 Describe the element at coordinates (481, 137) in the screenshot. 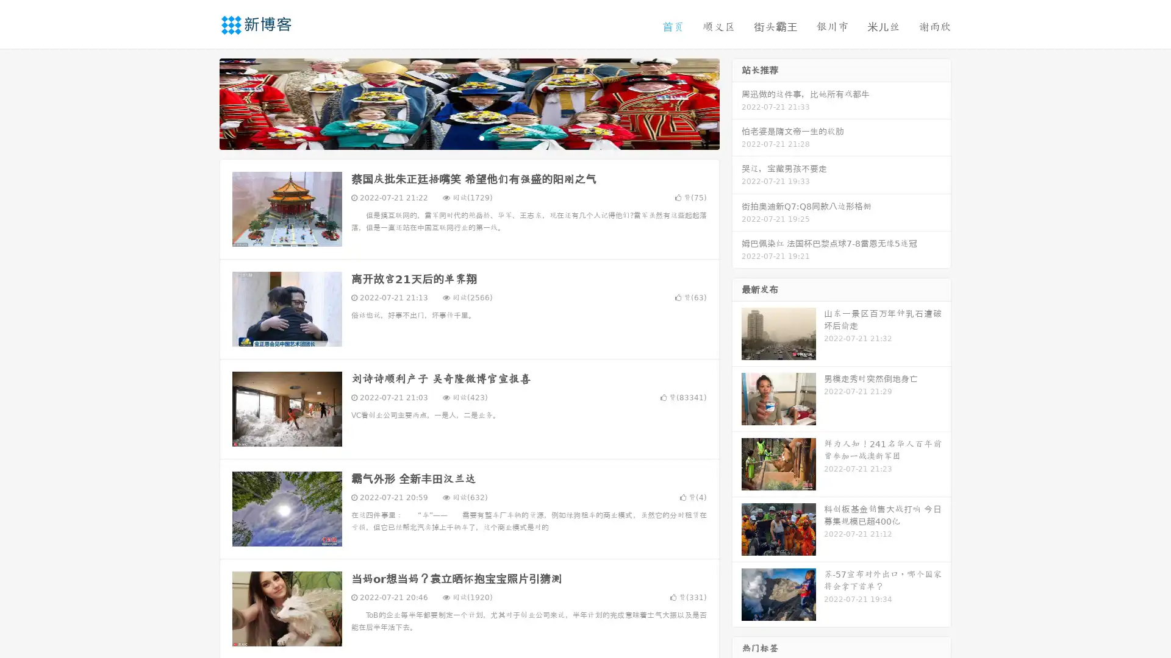

I see `Go to slide 3` at that location.